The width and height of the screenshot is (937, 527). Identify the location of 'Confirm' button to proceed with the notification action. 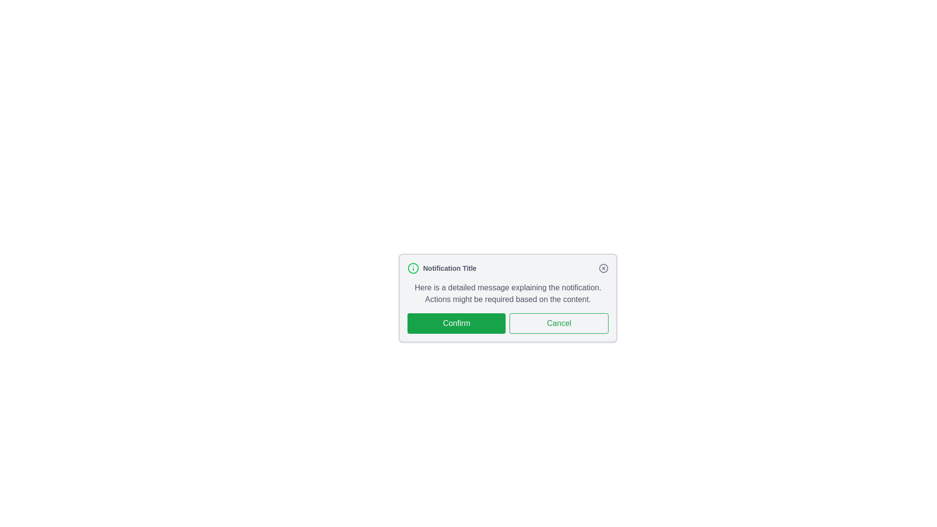
(456, 324).